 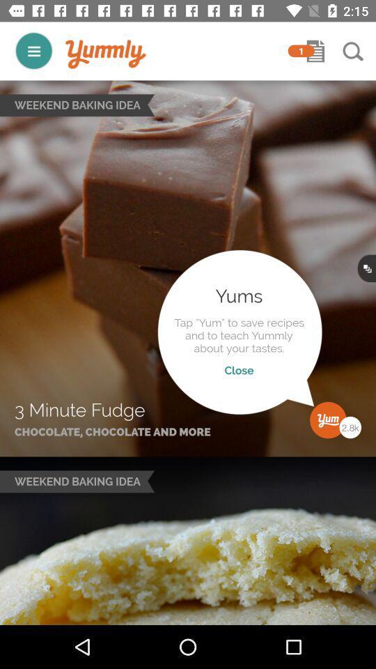 What do you see at coordinates (315, 51) in the screenshot?
I see `new massage` at bounding box center [315, 51].